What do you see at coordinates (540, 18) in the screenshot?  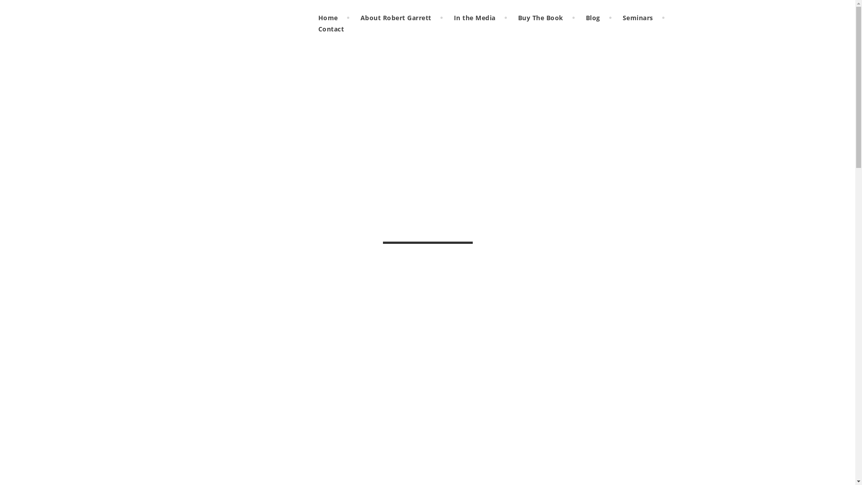 I see `'Buy The Book'` at bounding box center [540, 18].